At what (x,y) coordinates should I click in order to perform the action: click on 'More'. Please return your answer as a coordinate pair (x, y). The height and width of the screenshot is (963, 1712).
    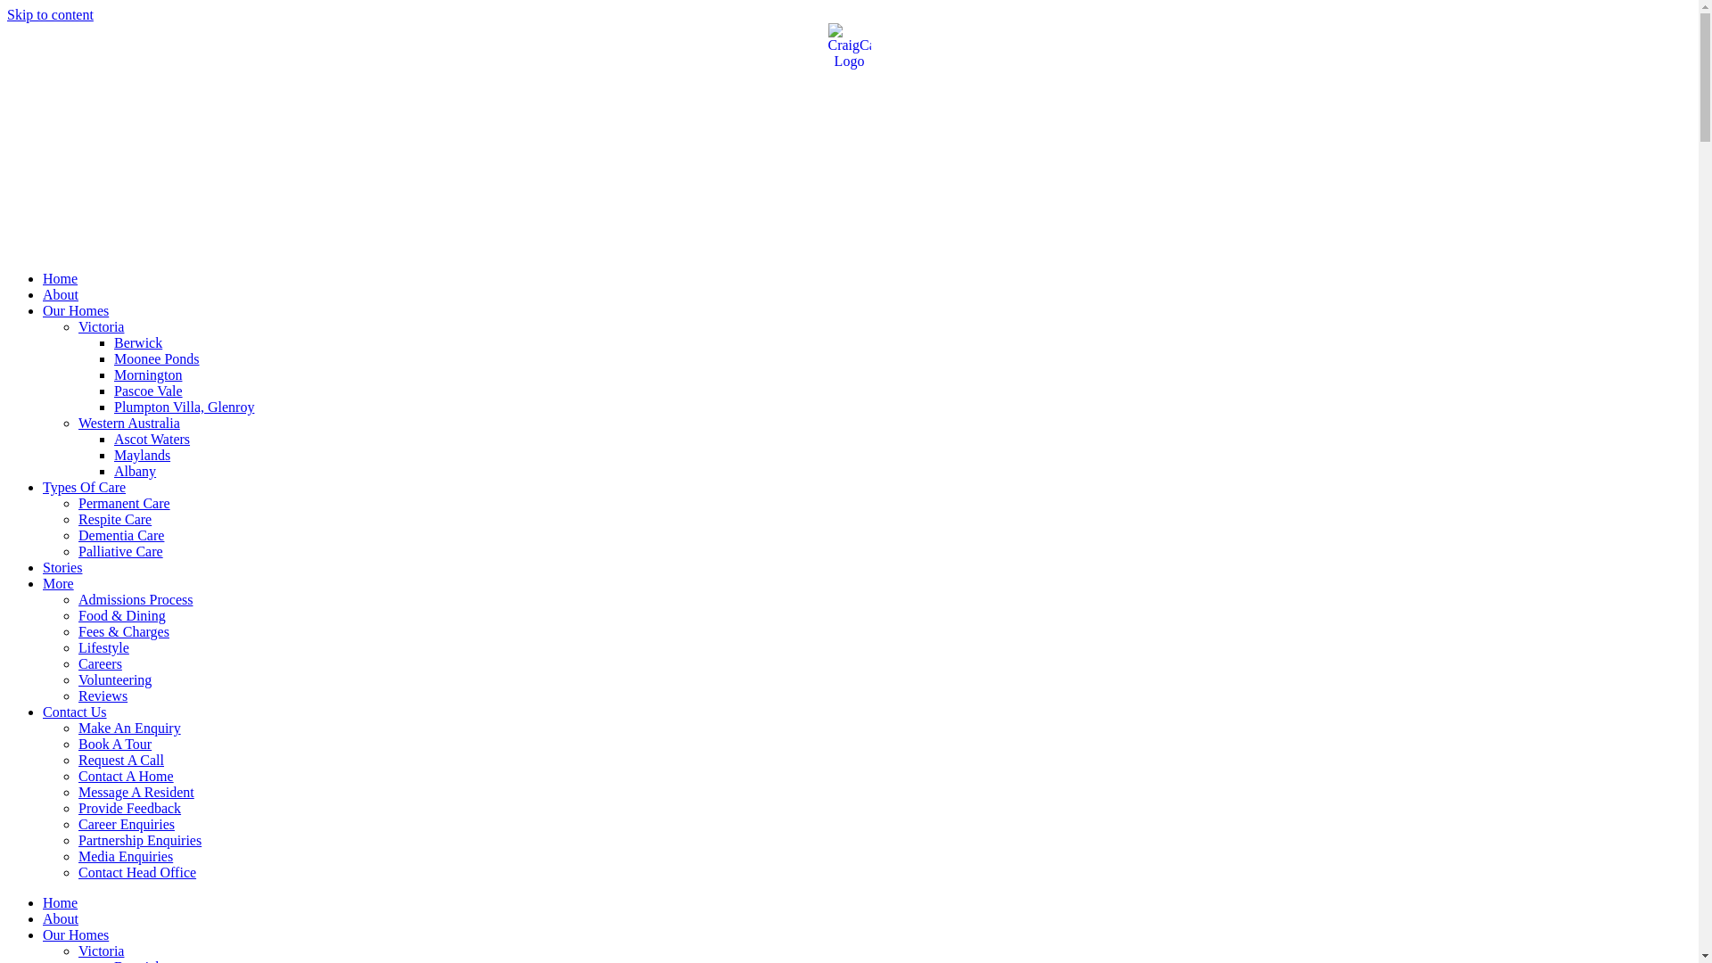
    Looking at the image, I should click on (58, 583).